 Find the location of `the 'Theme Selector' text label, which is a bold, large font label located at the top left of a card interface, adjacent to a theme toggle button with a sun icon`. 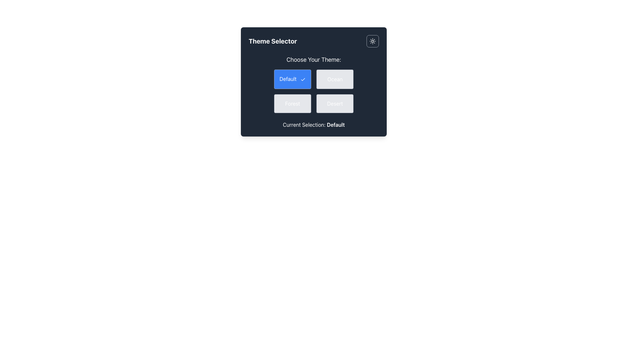

the 'Theme Selector' text label, which is a bold, large font label located at the top left of a card interface, adjacent to a theme toggle button with a sun icon is located at coordinates (273, 41).